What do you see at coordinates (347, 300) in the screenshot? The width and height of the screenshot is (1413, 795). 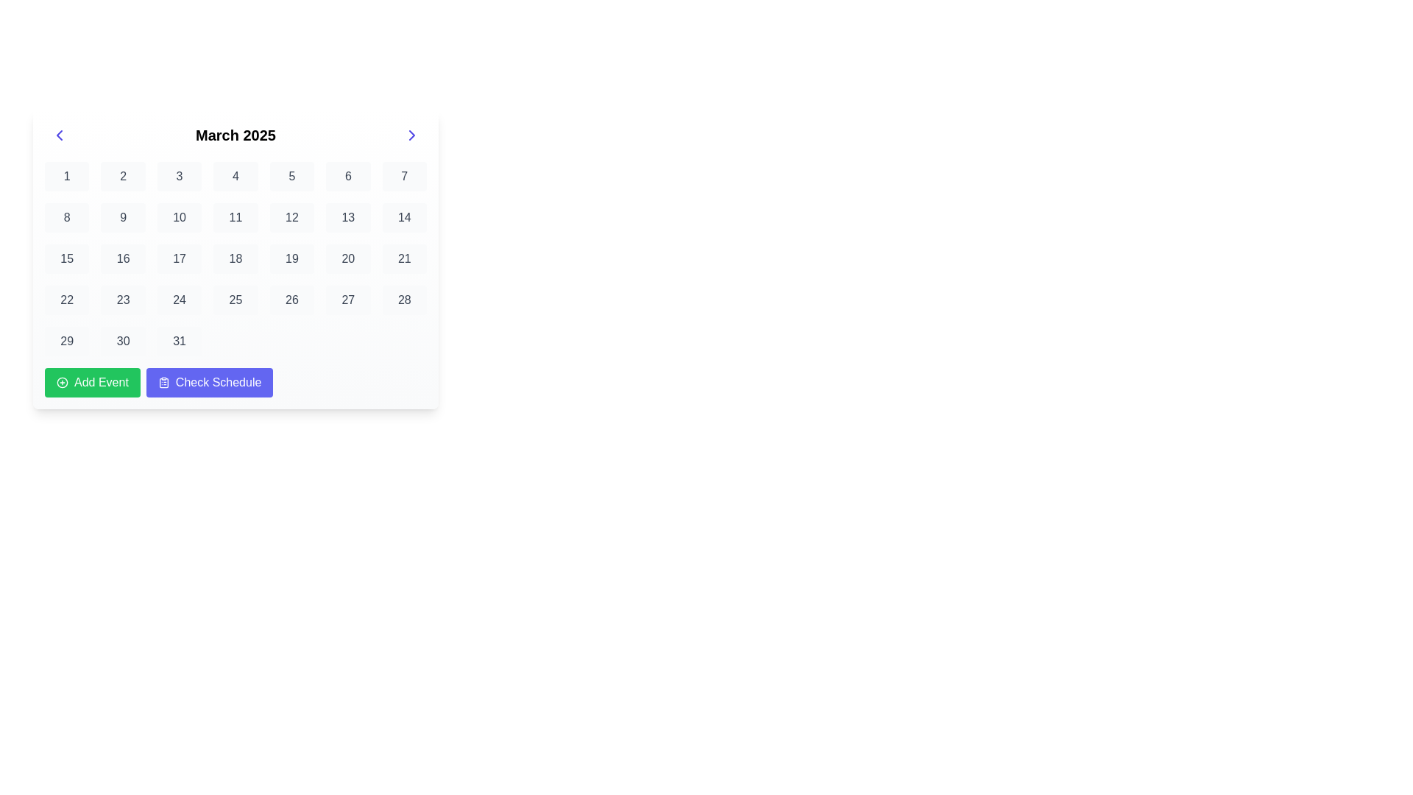 I see `the button displaying the number '27' in the sixth row and sixth column of the monthly calendar view, which has a light gray background and rounded border` at bounding box center [347, 300].